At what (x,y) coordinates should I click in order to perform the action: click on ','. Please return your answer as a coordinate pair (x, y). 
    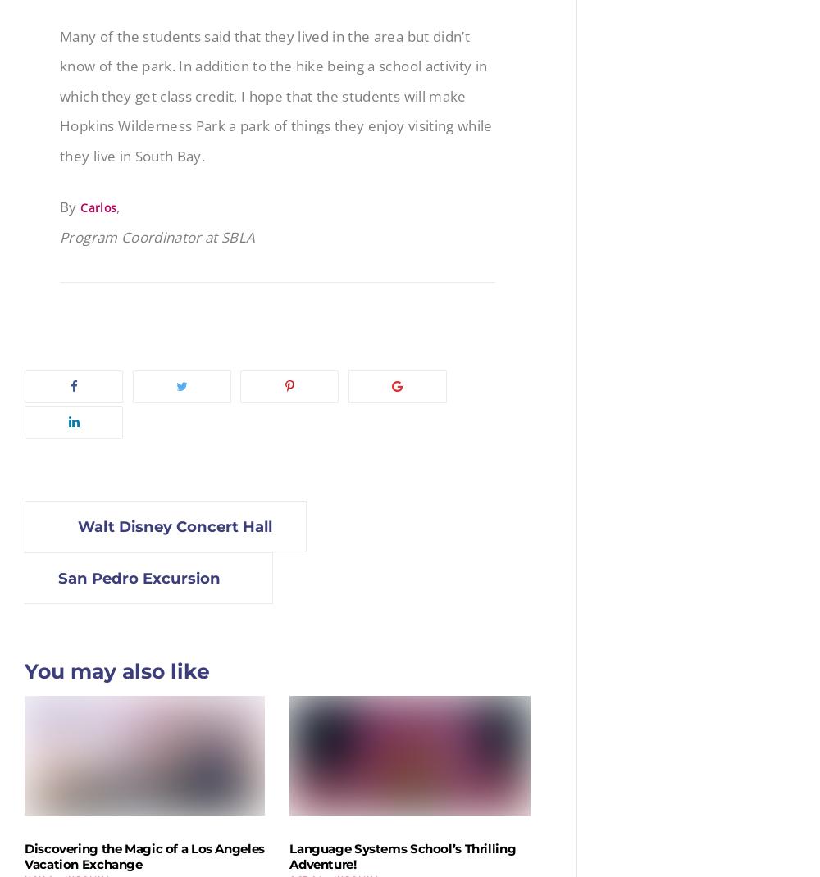
    Looking at the image, I should click on (118, 205).